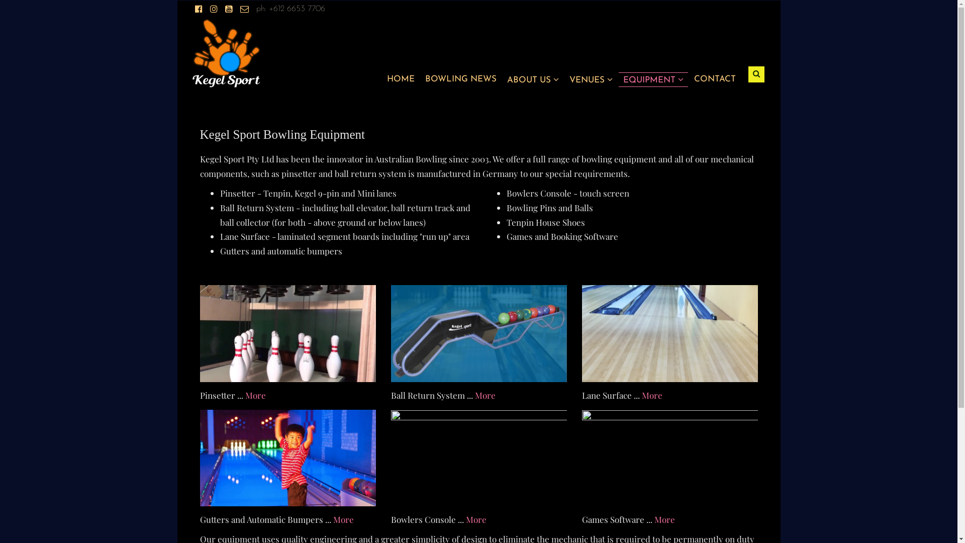 This screenshot has width=965, height=543. I want to click on 'More', so click(654, 519).